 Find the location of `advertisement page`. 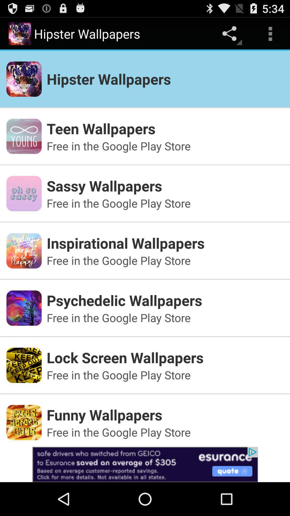

advertisement page is located at coordinates (145, 464).